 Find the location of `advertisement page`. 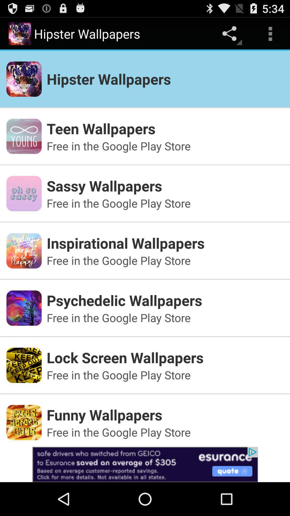

advertisement page is located at coordinates (145, 464).